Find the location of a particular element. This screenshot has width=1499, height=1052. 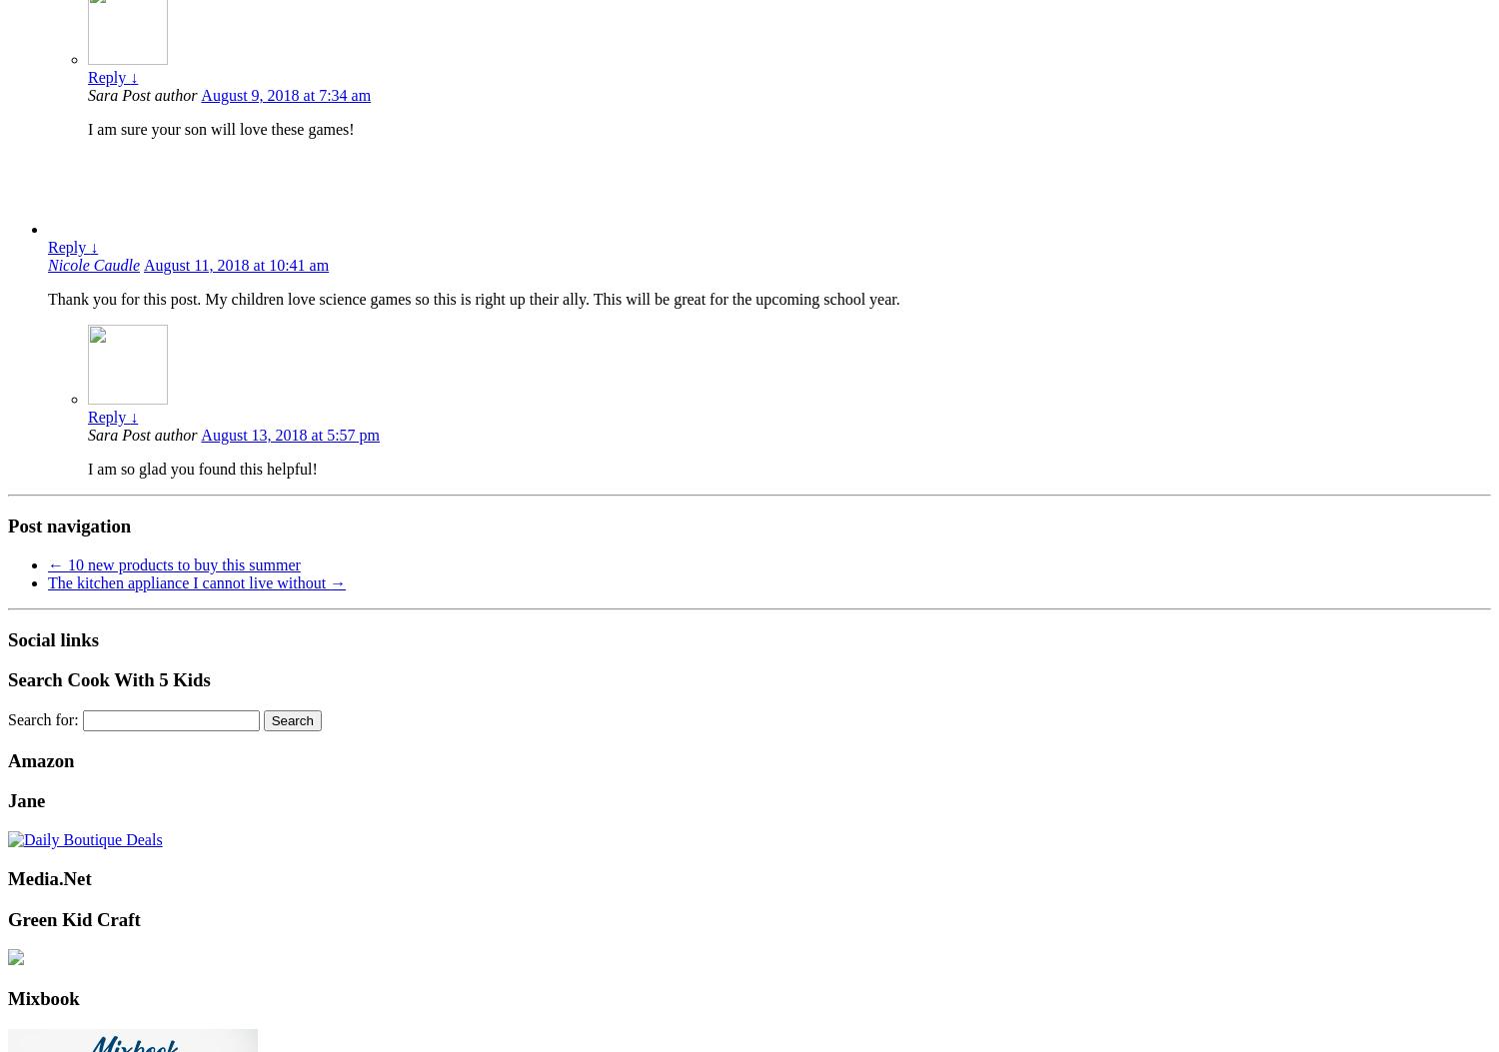

'10 new products to buy this summer' is located at coordinates (181, 562).